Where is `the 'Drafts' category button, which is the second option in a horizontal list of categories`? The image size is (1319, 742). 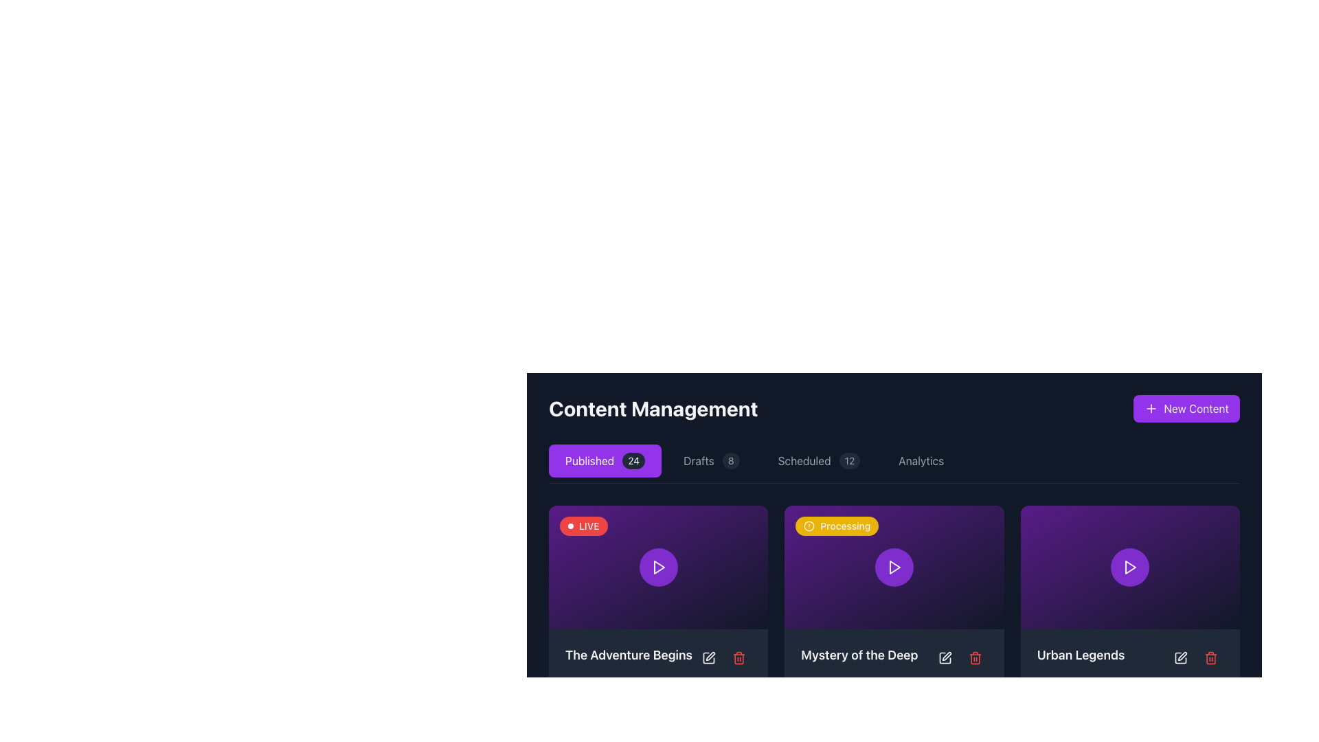 the 'Drafts' category button, which is the second option in a horizontal list of categories is located at coordinates (711, 461).